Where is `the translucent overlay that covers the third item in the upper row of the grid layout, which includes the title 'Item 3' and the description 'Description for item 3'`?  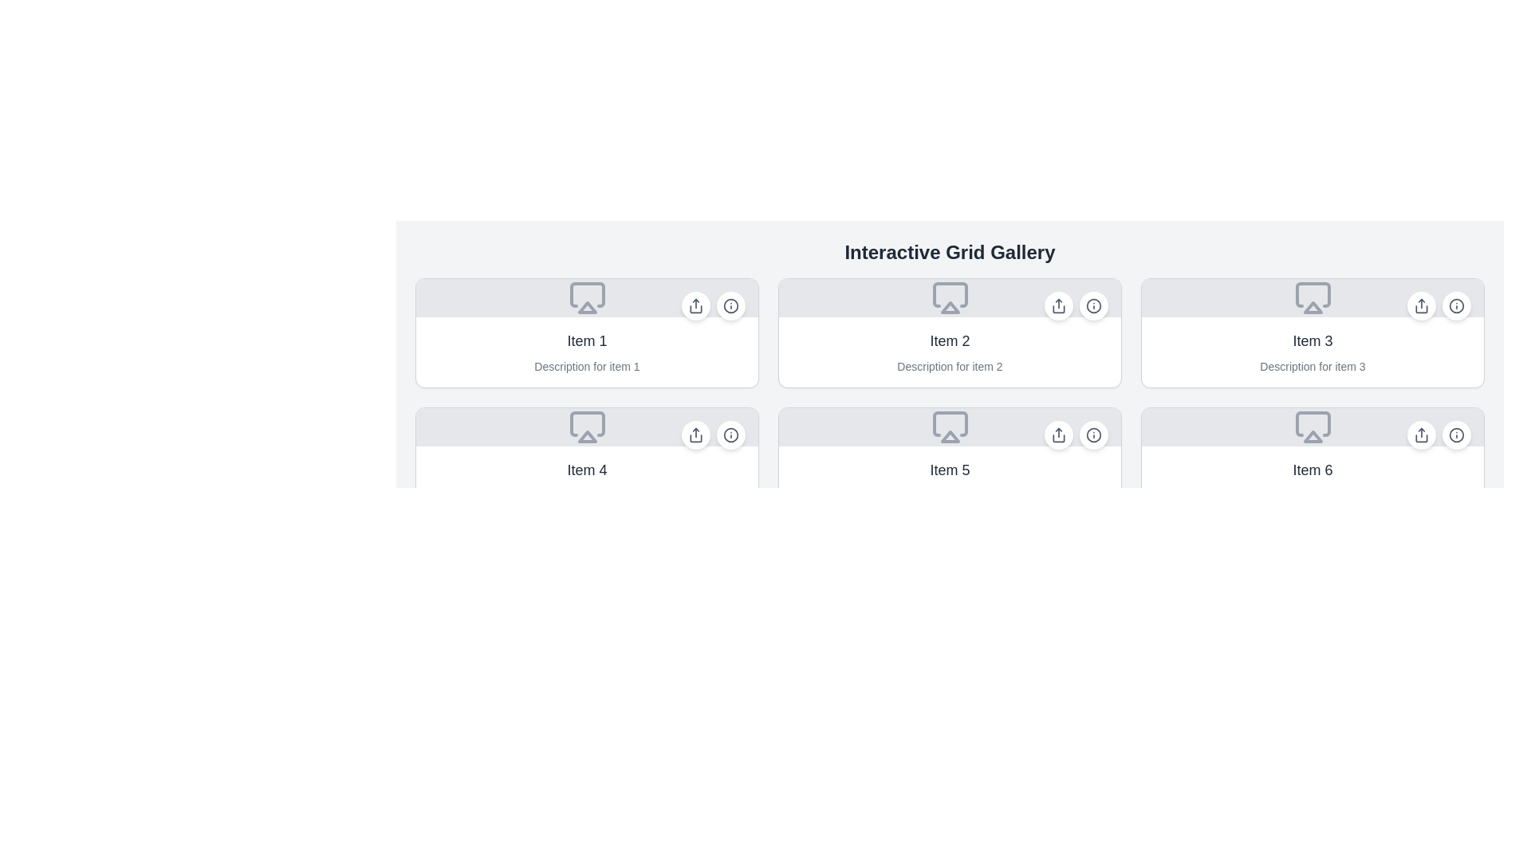
the translucent overlay that covers the third item in the upper row of the grid layout, which includes the title 'Item 3' and the description 'Description for item 3' is located at coordinates (1313, 332).